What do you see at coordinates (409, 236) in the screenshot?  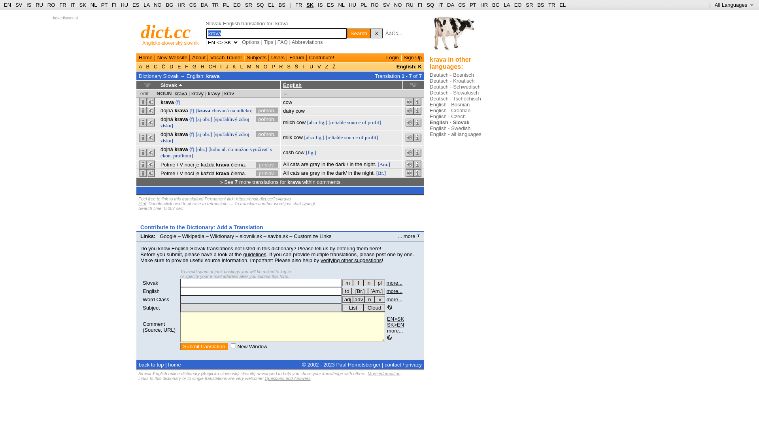 I see `'... more'` at bounding box center [409, 236].